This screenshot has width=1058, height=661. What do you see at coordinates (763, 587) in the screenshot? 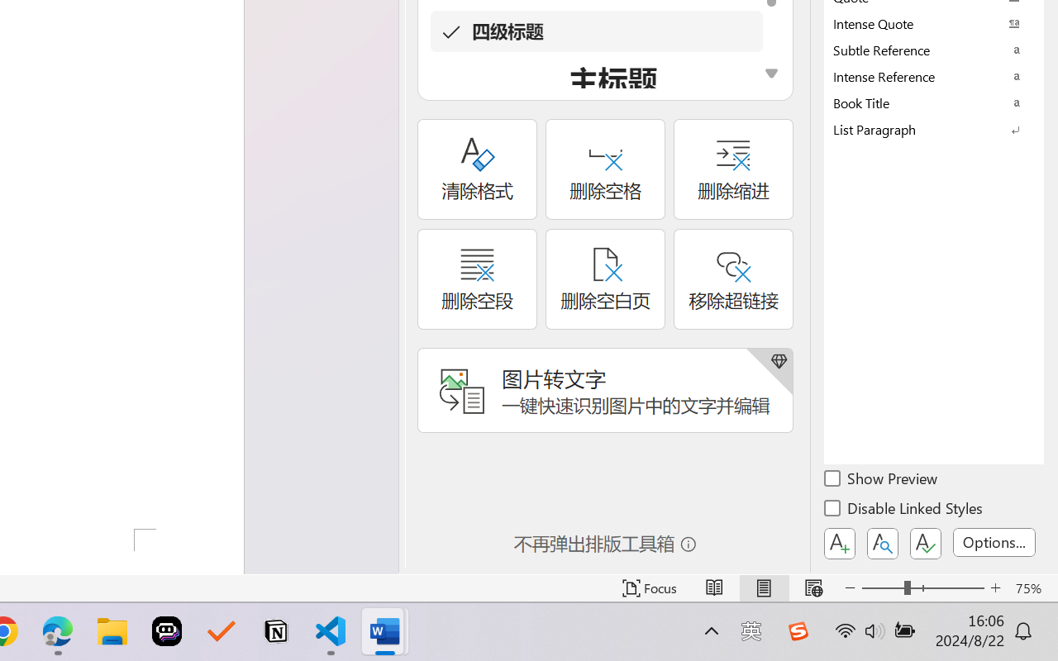
I see `'Print Layout'` at bounding box center [763, 587].